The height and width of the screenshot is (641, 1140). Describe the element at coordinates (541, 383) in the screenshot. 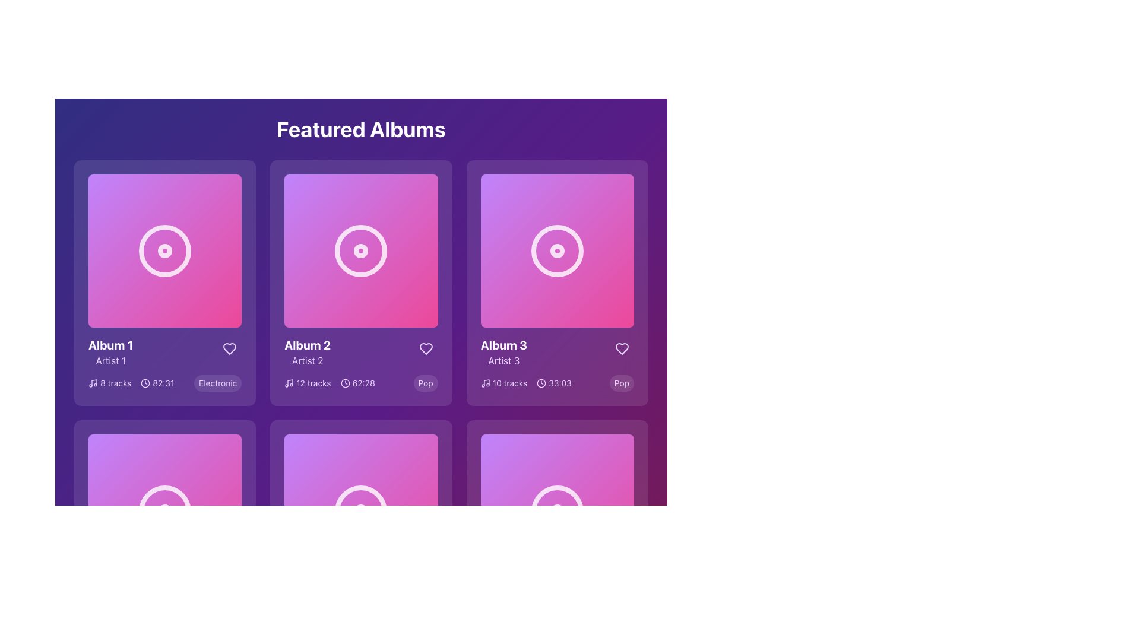

I see `the clock icon located within the 'Album 3' card, which indicates the duration of the associated album or track` at that location.